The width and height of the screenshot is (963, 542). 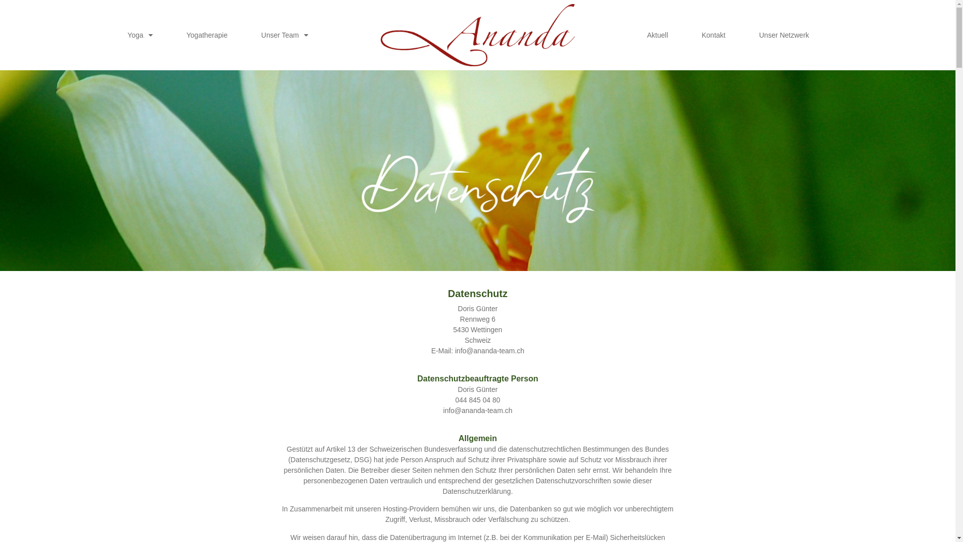 I want to click on 'Yogatherapie', so click(x=176, y=34).